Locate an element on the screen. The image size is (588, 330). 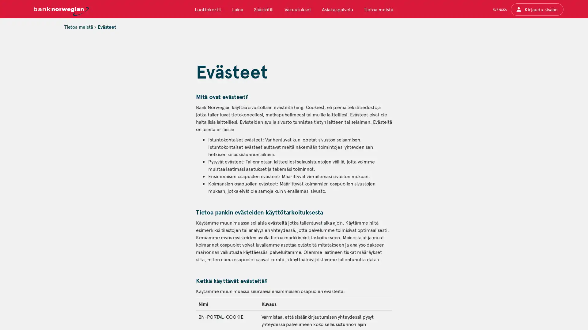
Laina is located at coordinates (237, 9).